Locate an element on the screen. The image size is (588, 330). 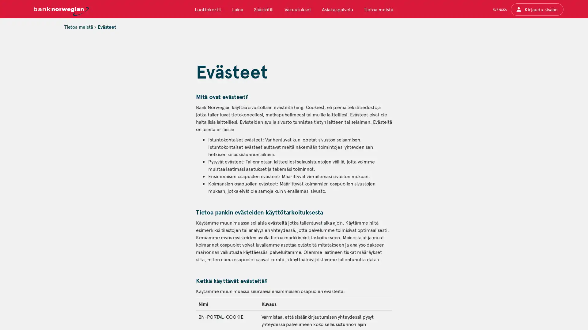
Laina is located at coordinates (237, 9).